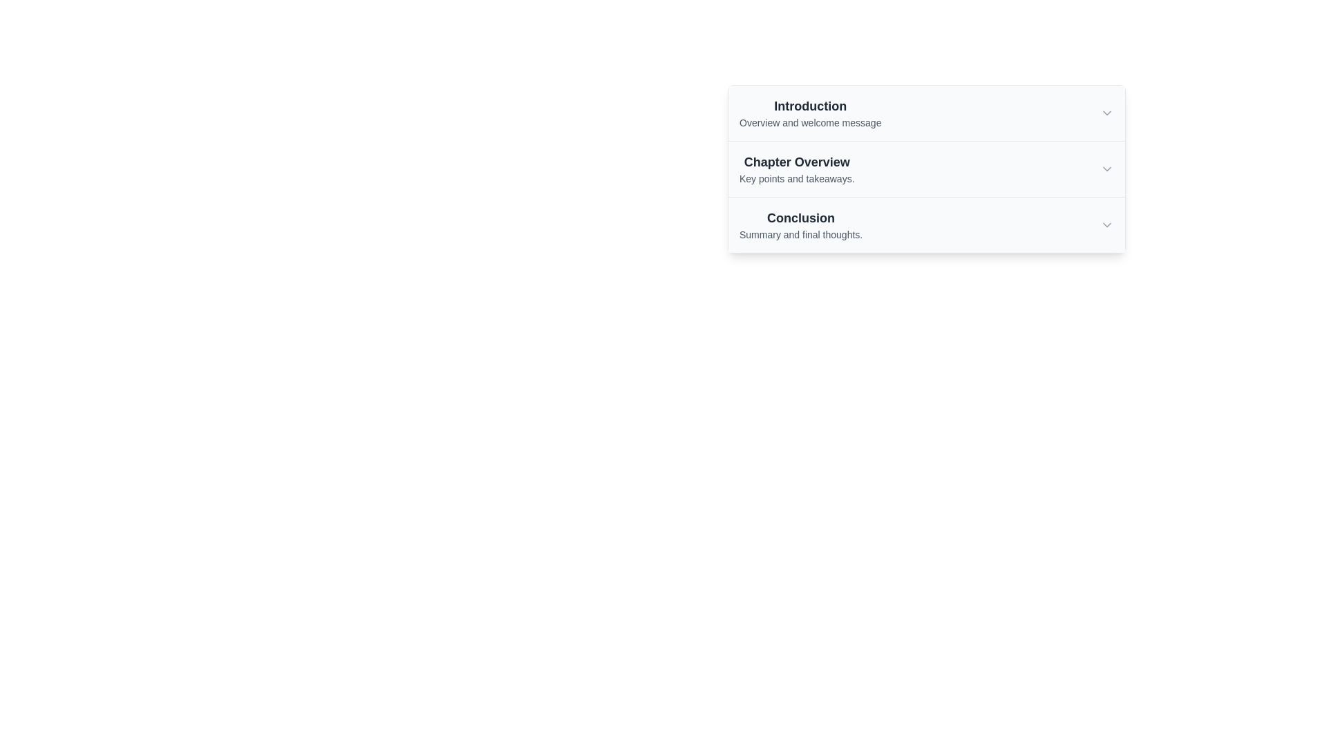 Image resolution: width=1327 pixels, height=746 pixels. I want to click on the text block displaying 'Chapter Overview' which summarizes the section with 'Key points and takeaways.' This element is located below 'Introduction' and above 'Conclusion' in the vertical list, so click(797, 169).